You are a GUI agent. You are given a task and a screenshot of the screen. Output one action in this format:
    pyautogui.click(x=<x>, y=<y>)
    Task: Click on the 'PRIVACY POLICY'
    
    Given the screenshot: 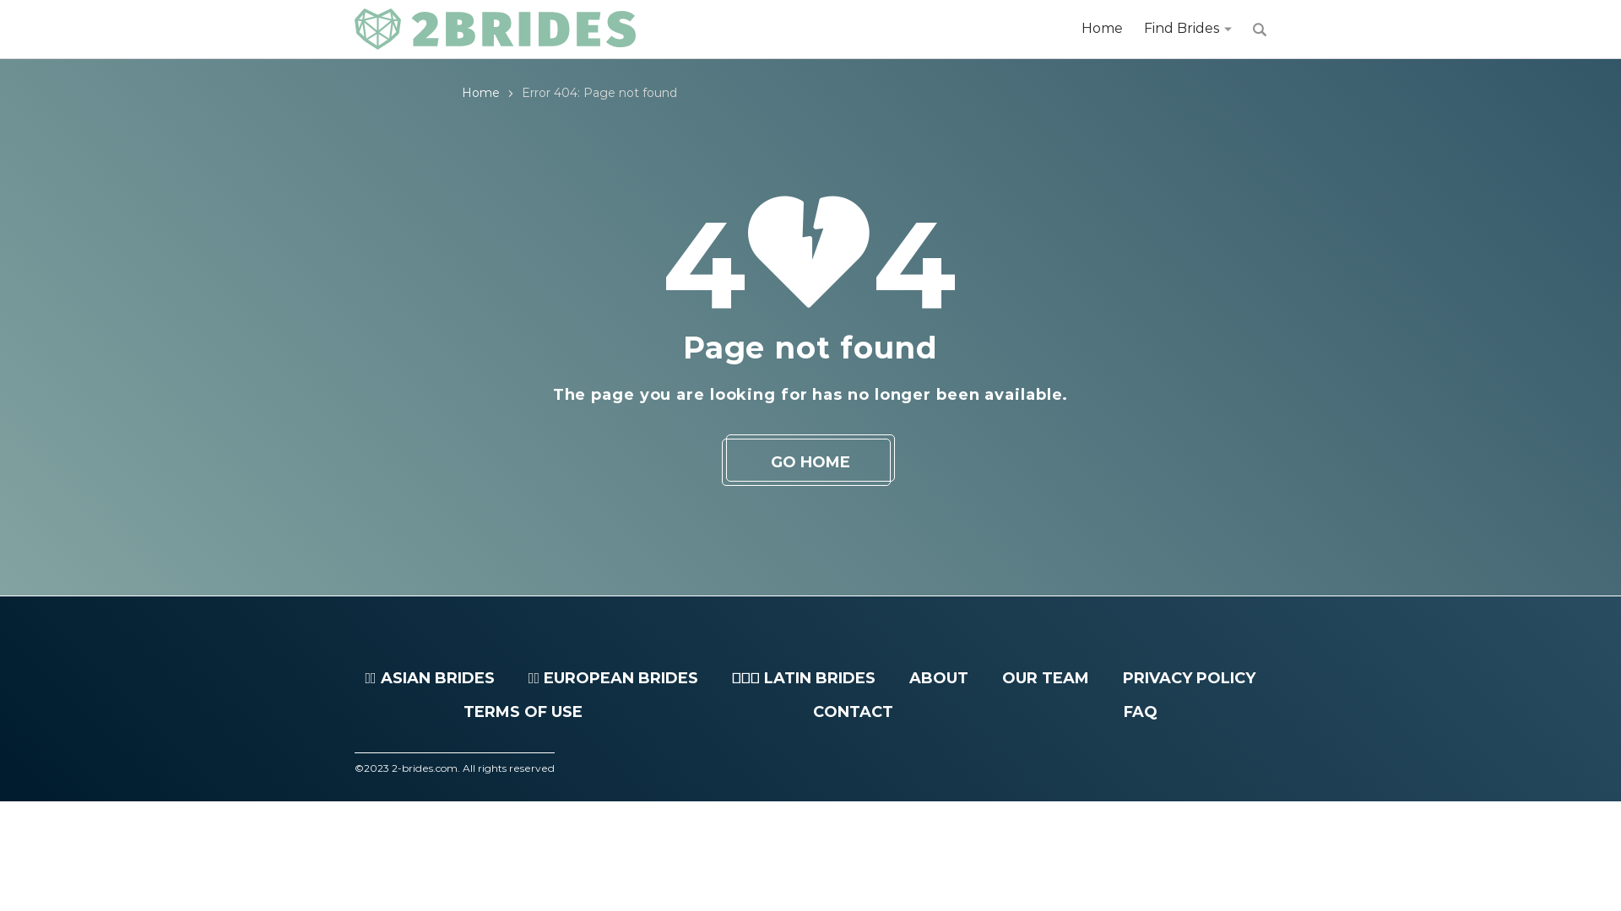 What is the action you would take?
    pyautogui.click(x=1188, y=677)
    